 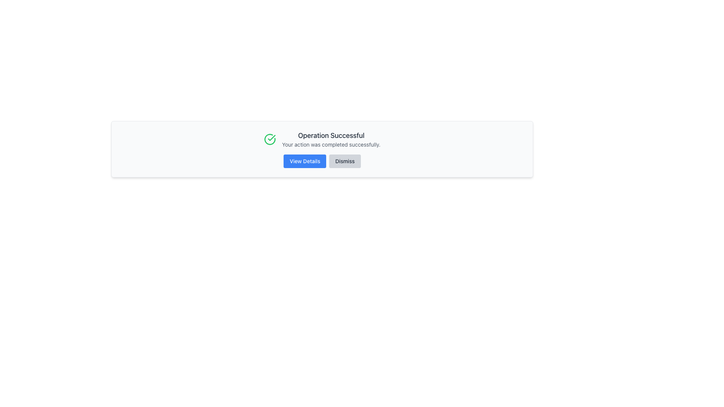 I want to click on message displayed in the static text block that says 'Operation Successful' and 'Your action was completed successfully.', so click(x=331, y=139).